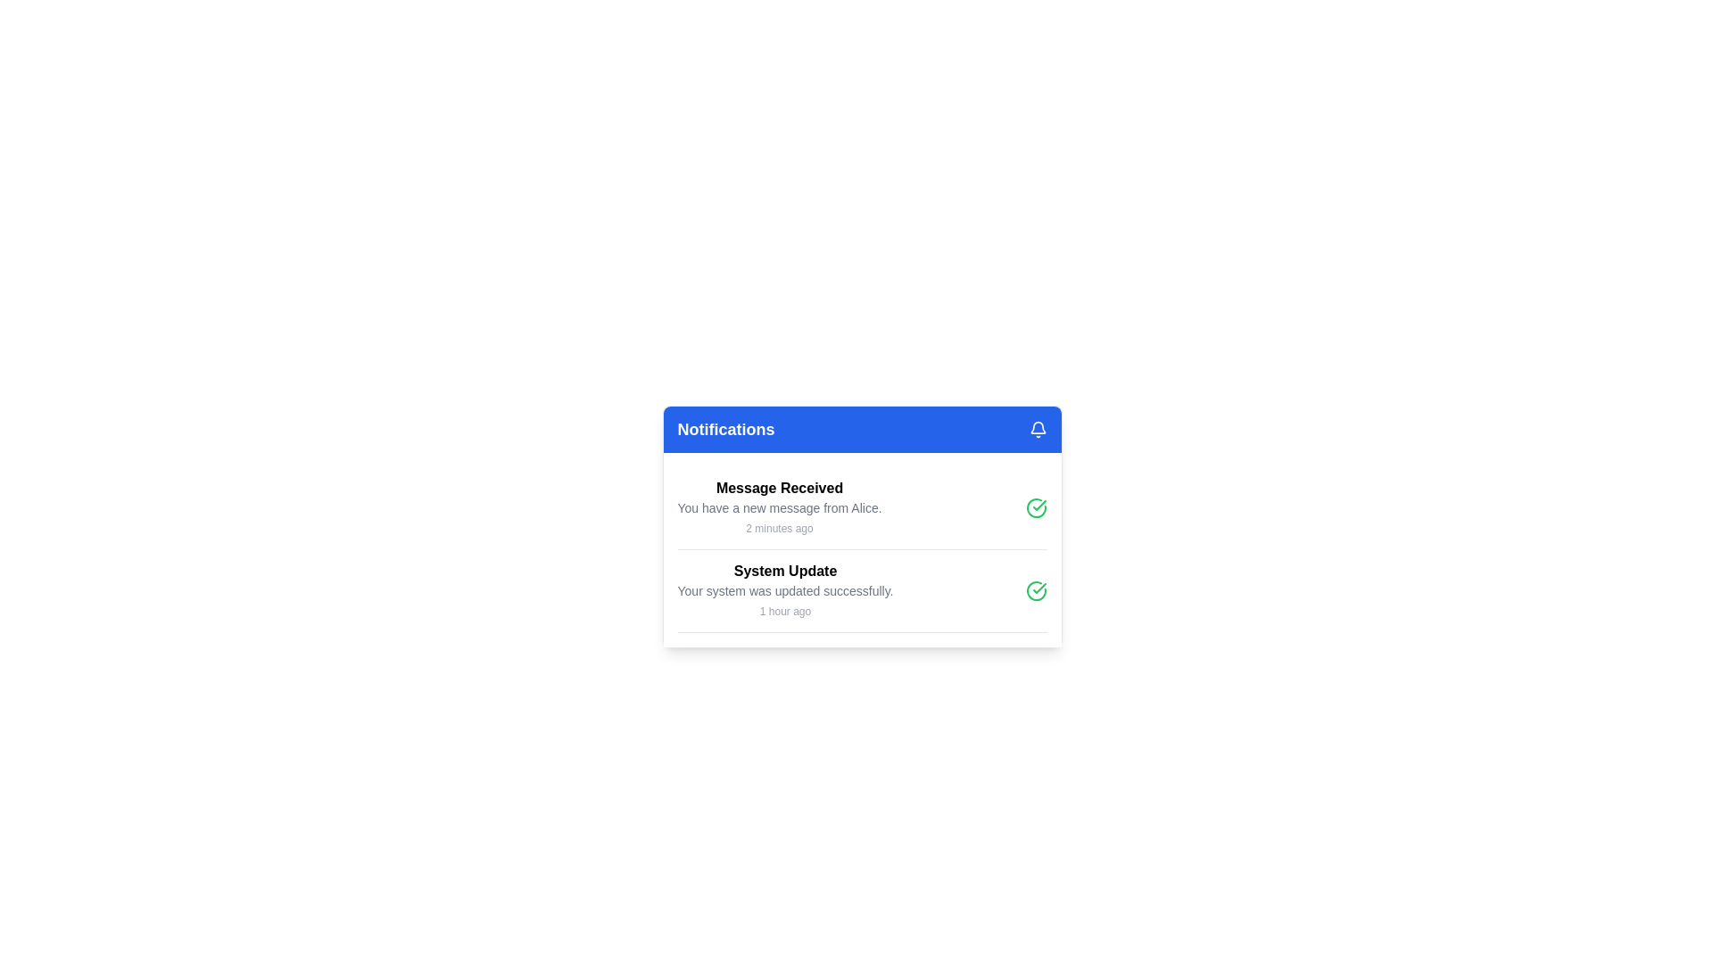 The height and width of the screenshot is (963, 1713). I want to click on the notification item indicating a successful system update located below the 'Message Received' notification, so click(862, 591).